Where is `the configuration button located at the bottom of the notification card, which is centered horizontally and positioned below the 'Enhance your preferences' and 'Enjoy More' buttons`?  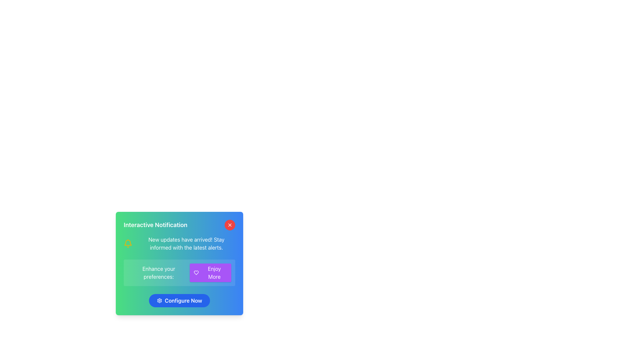 the configuration button located at the bottom of the notification card, which is centered horizontally and positioned below the 'Enhance your preferences' and 'Enjoy More' buttons is located at coordinates (179, 300).